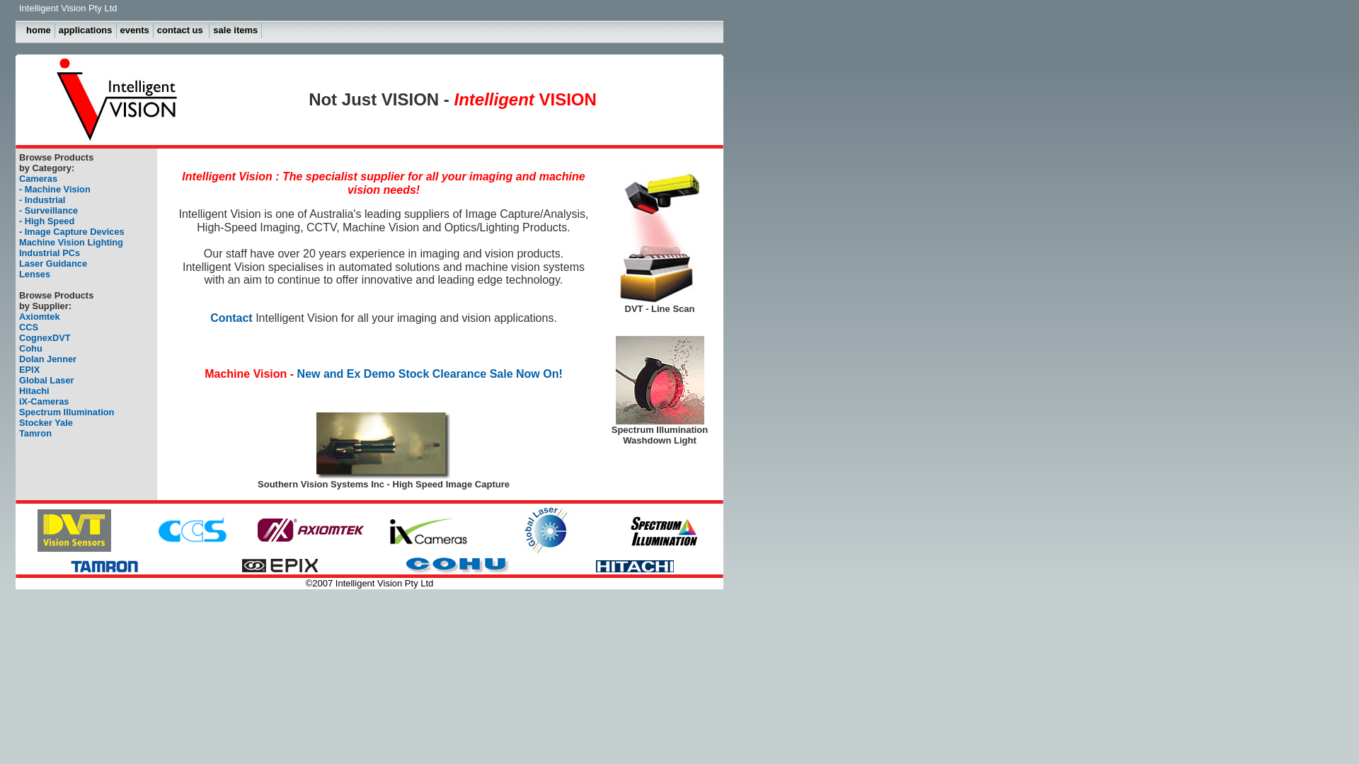 The height and width of the screenshot is (764, 1359). I want to click on 'events', so click(135, 30).